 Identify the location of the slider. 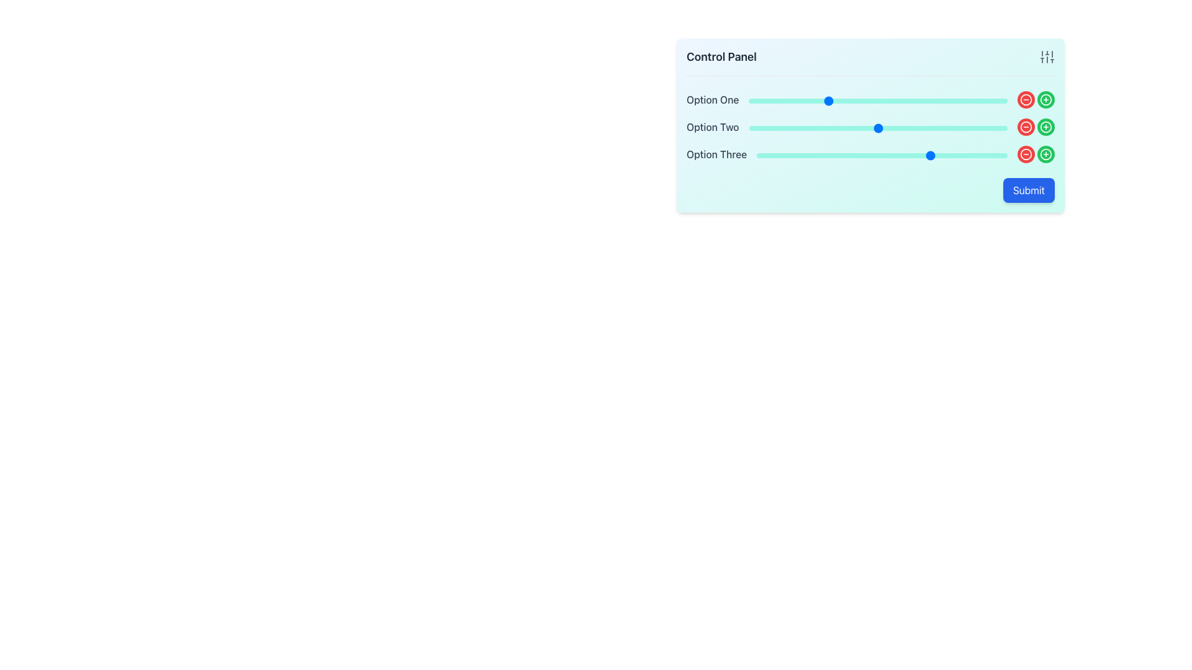
(970, 100).